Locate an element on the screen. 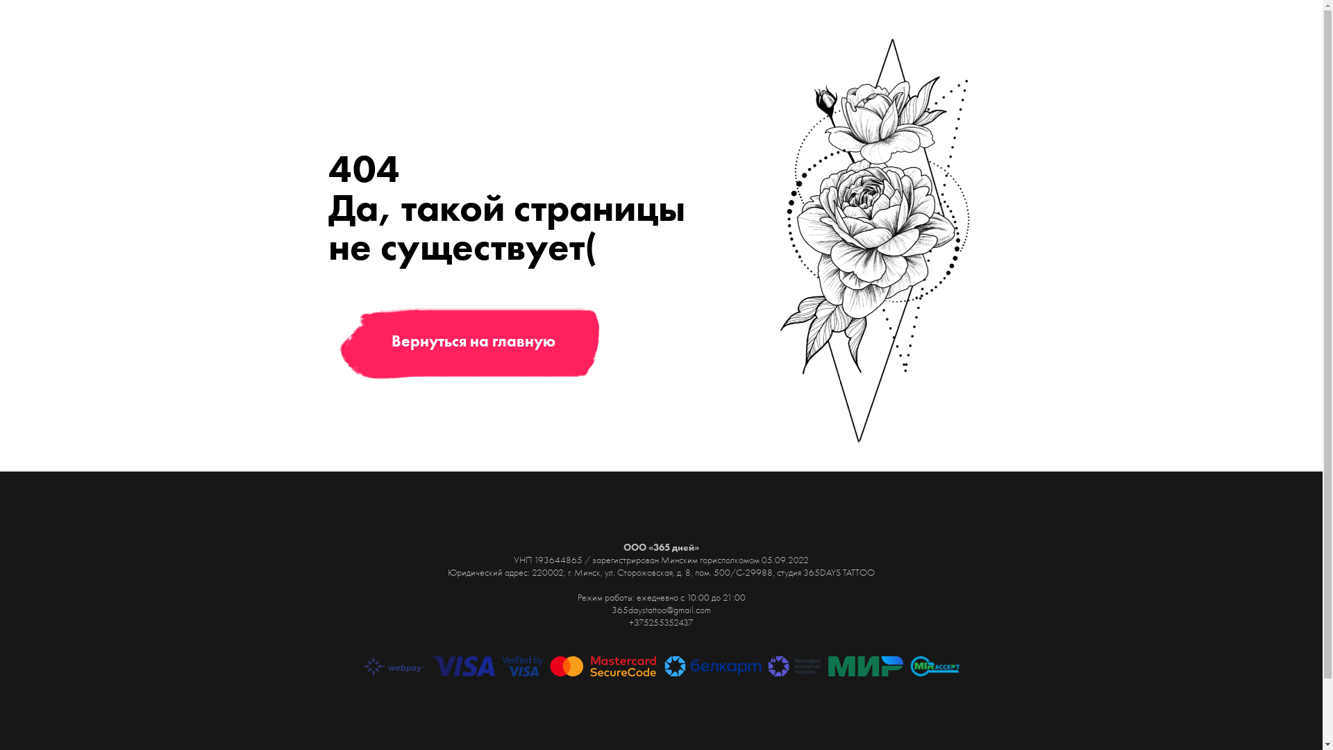 The height and width of the screenshot is (750, 1333). '365daystattoo@gmail.com' is located at coordinates (660, 609).